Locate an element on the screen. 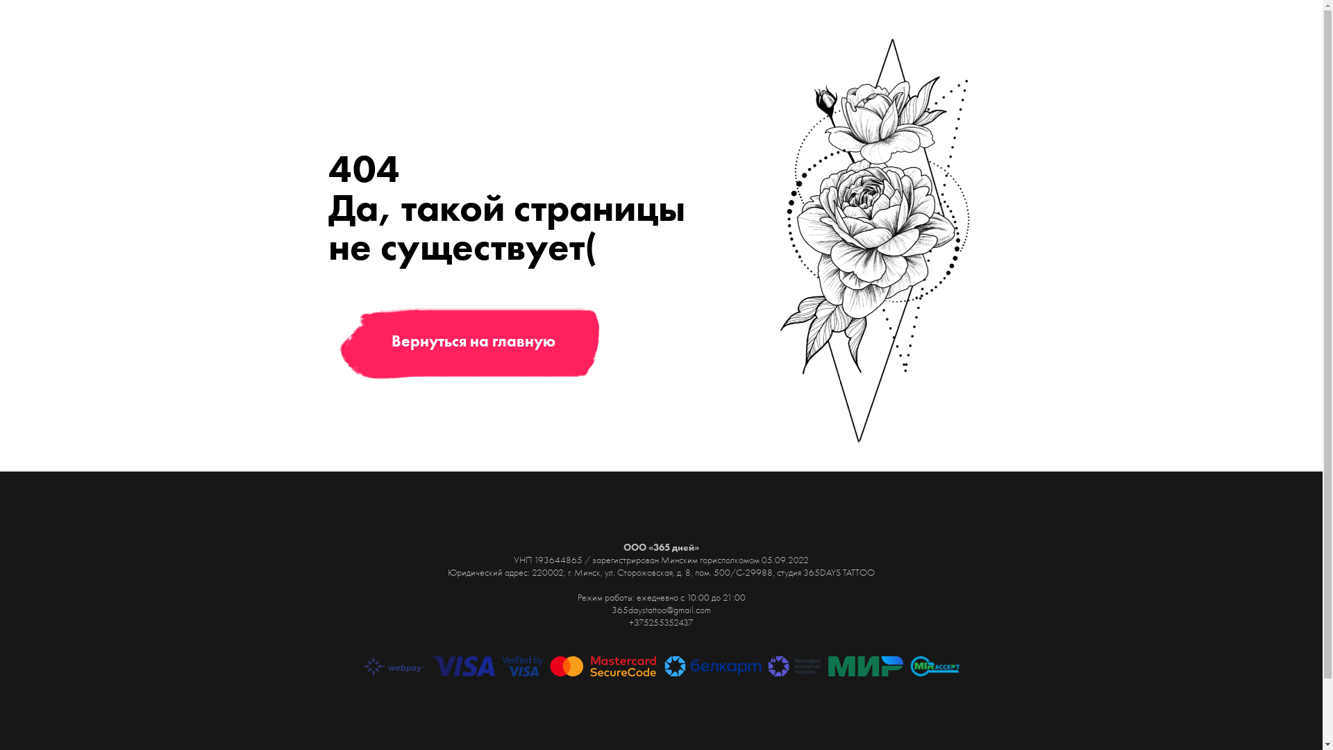 The height and width of the screenshot is (750, 1333). '365daystattoo@gmail.com' is located at coordinates (660, 609).